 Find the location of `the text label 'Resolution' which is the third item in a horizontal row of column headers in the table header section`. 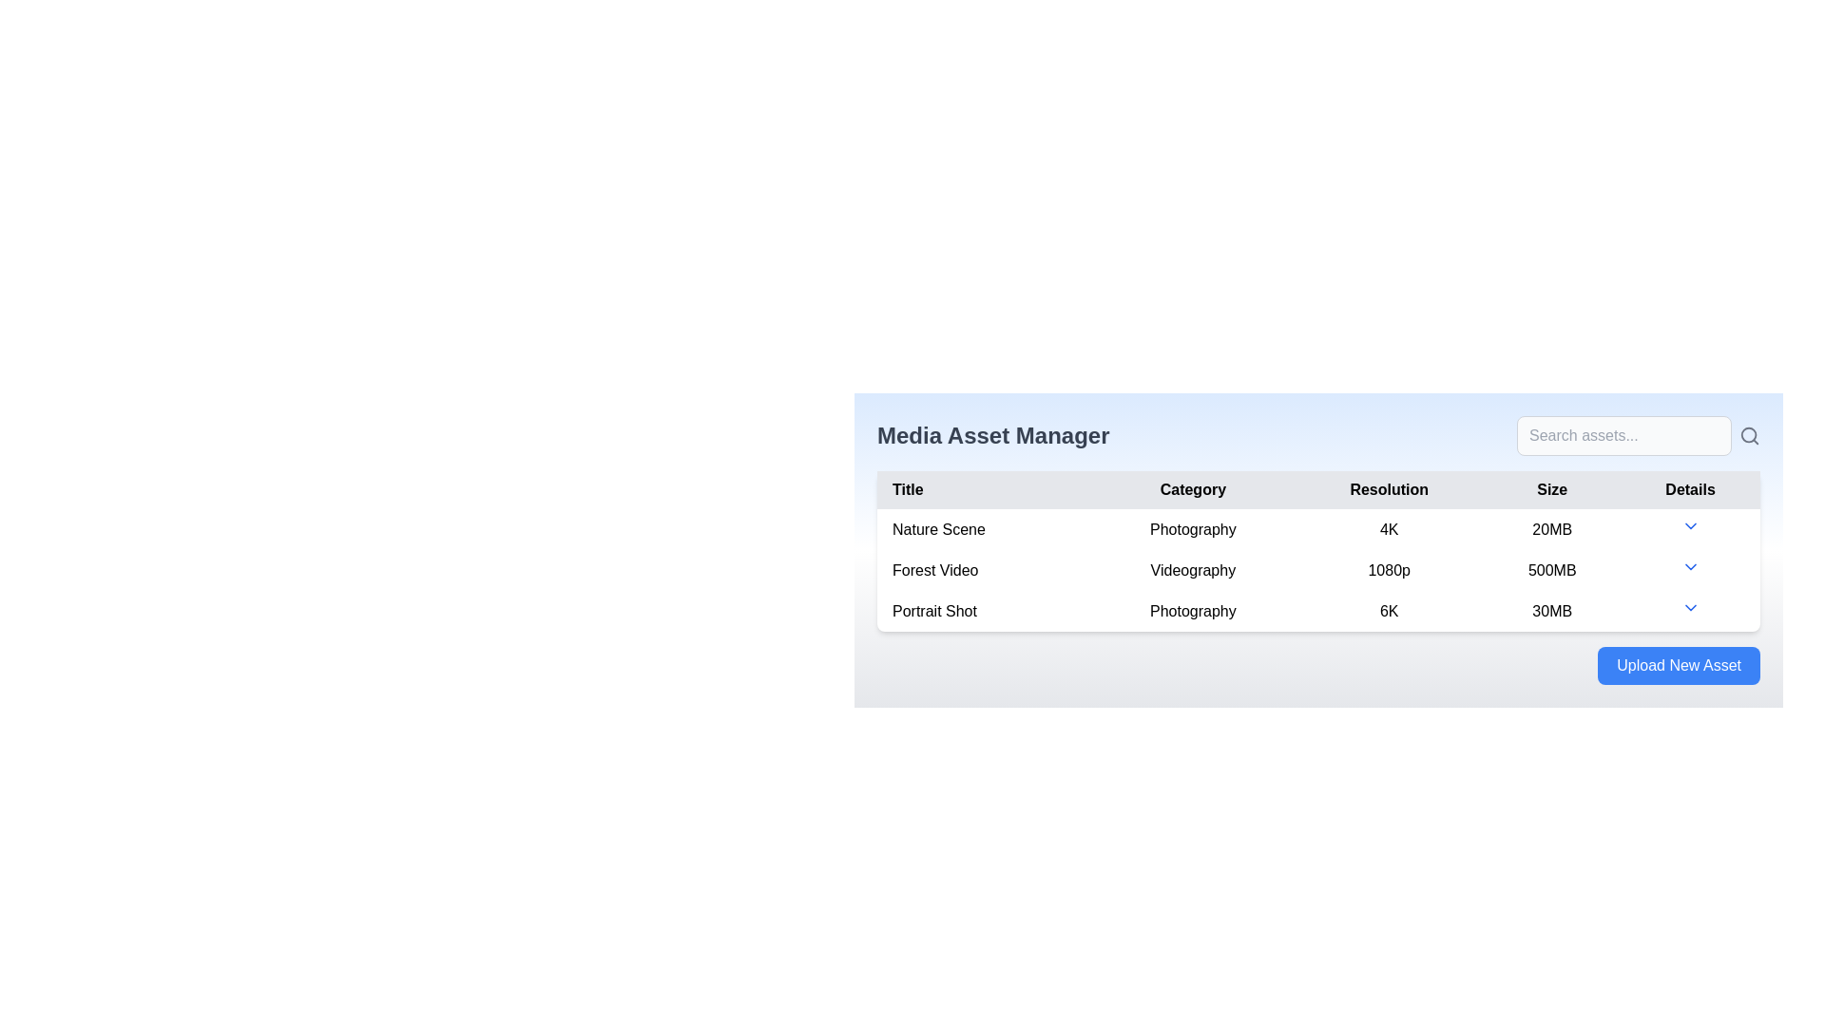

the text label 'Resolution' which is the third item in a horizontal row of column headers in the table header section is located at coordinates (1389, 489).